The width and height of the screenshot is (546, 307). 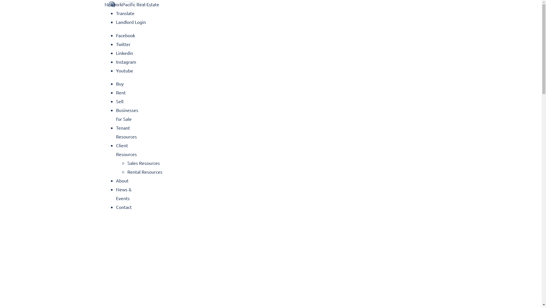 I want to click on 'Instagram', so click(x=126, y=61).